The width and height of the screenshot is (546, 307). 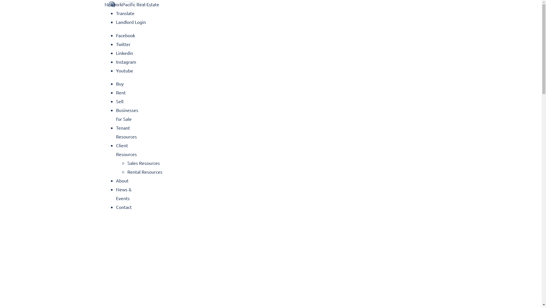 I want to click on 'Instagram', so click(x=126, y=61).